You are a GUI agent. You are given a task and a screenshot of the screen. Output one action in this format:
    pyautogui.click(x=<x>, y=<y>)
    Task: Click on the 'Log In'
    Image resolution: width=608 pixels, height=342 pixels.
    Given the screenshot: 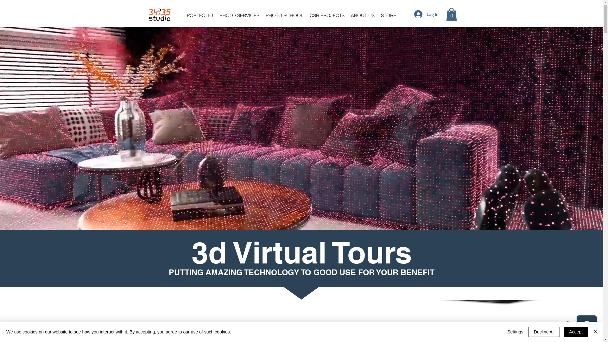 What is the action you would take?
    pyautogui.click(x=426, y=14)
    